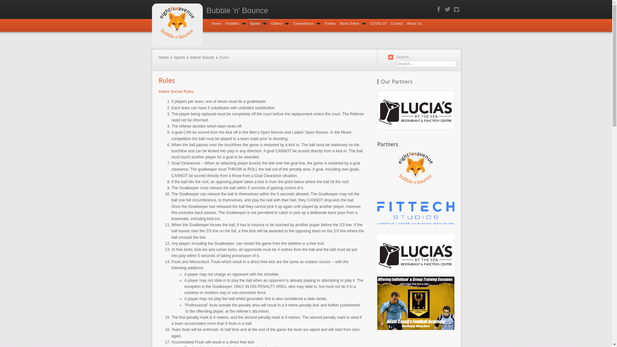 The image size is (617, 347). I want to click on 'Indoor Soccer Rules', so click(176, 92).